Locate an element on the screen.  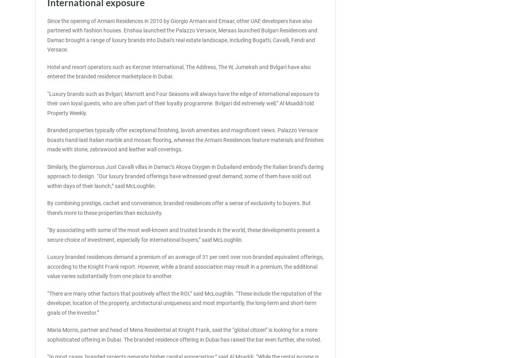
'Since the opening of Armani Residences in 2010 by Giorgio Armani and Emaar, other UAE developers have also partnered with fashion houses. Enshaa launched the Palazzo Versace, Meraas launched Bulgari Residences and Damac brought a range of luxury brands into Dubai’s real estate landscape, including Bugatti, Cavalli, Fendi and Versace.' is located at coordinates (182, 34).